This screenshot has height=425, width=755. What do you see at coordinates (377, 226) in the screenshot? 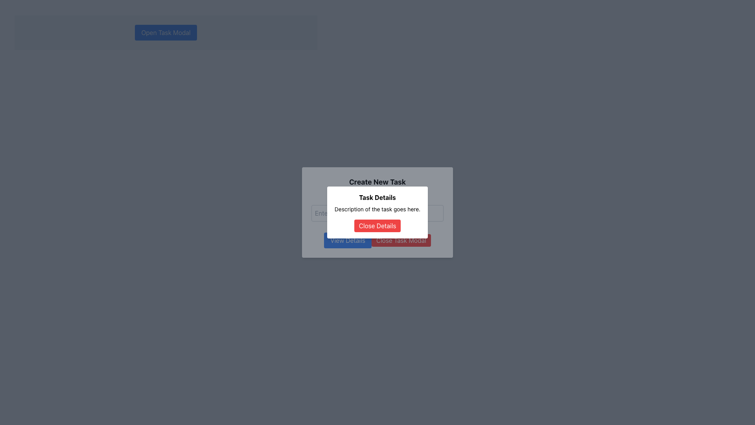
I see `the close button located at the bottom of the modal dialog` at bounding box center [377, 226].